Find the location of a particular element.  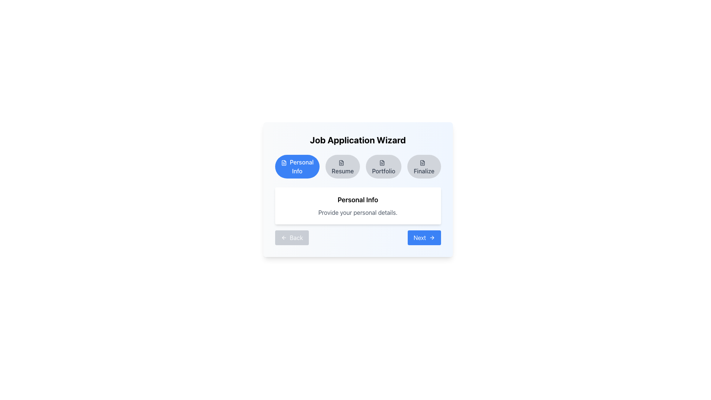

the section header and subtitle for the 'Personal Info' step, which is centrally located below the navigation bar is located at coordinates (358, 206).